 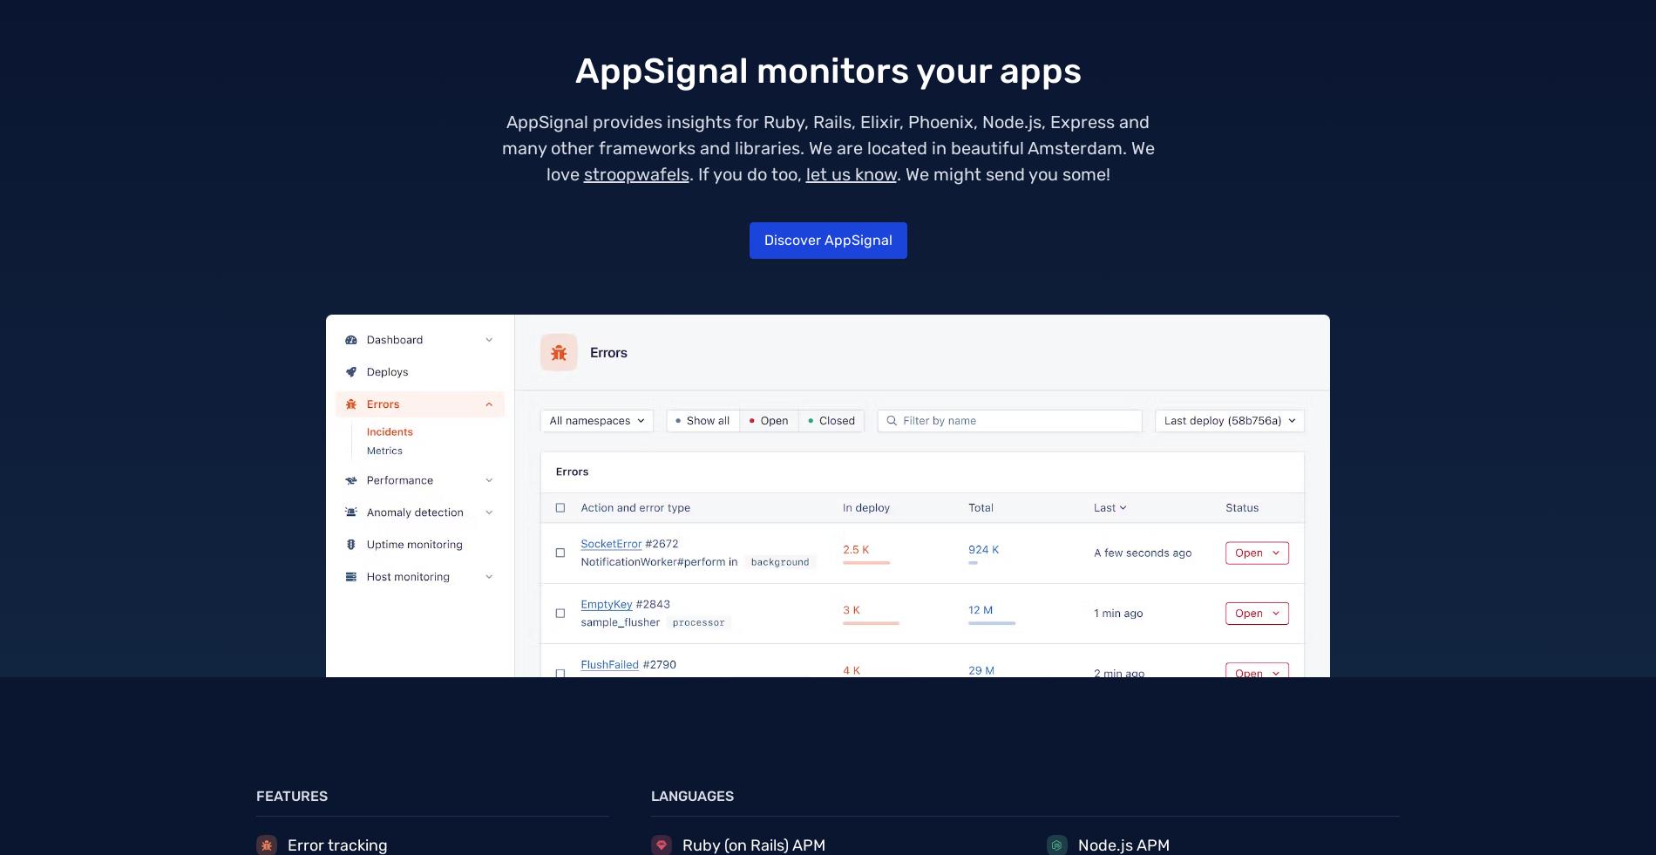 What do you see at coordinates (851, 173) in the screenshot?
I see `'let us know'` at bounding box center [851, 173].